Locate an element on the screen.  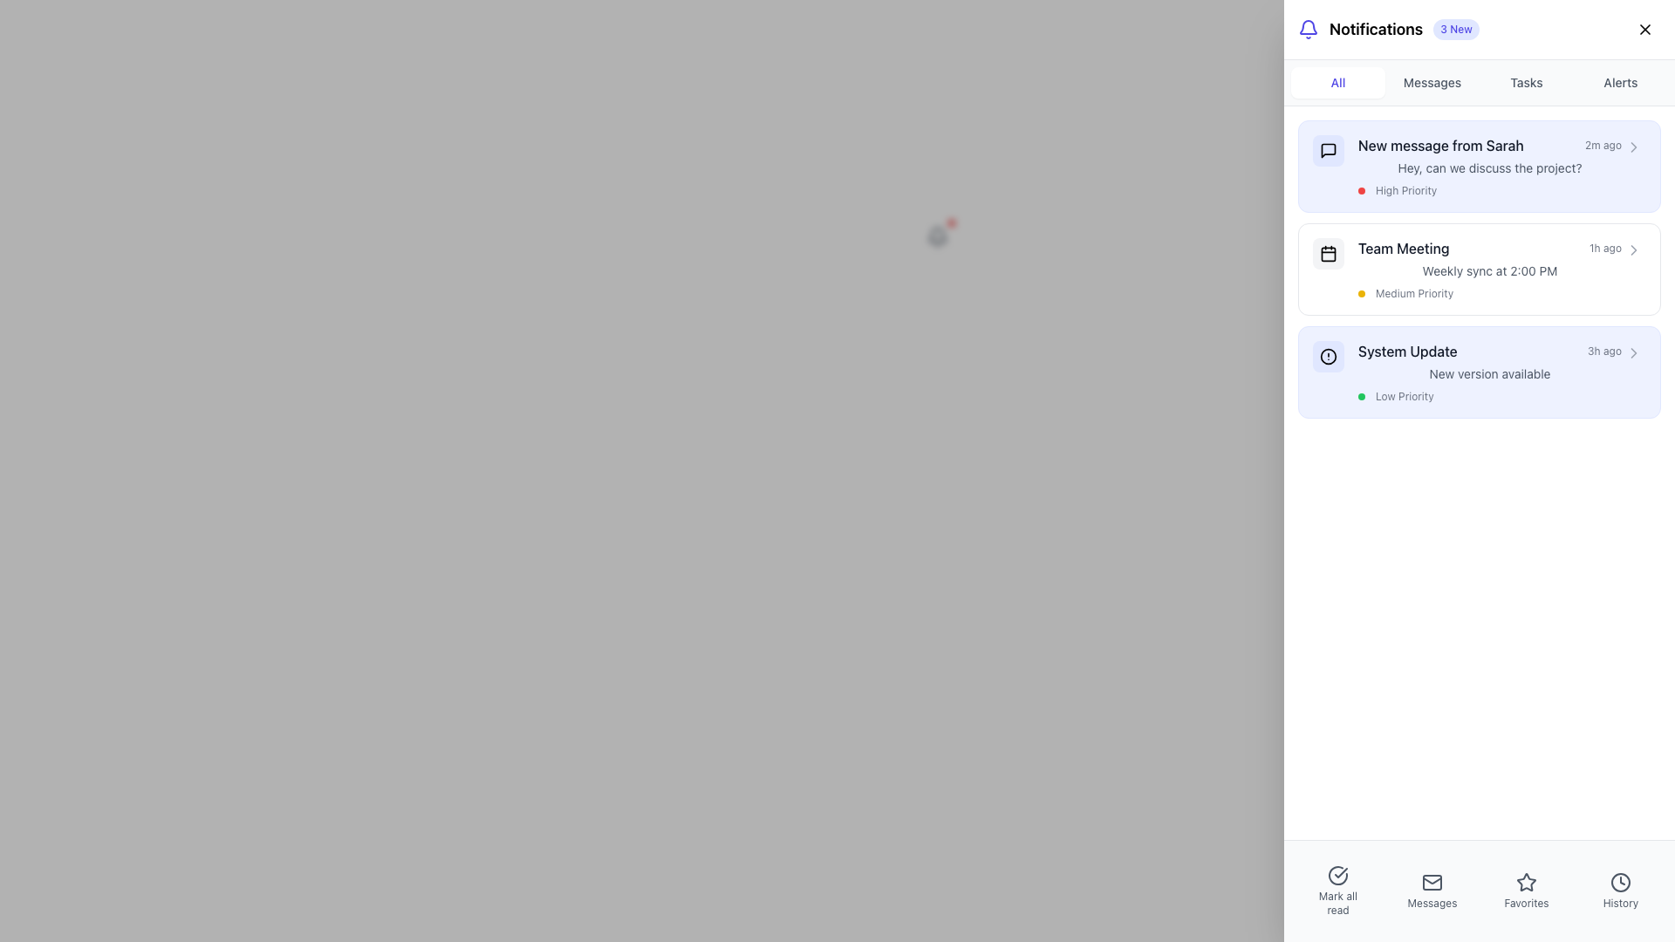
the button located on the far right side of the bottom menu bar that navigates to the 'History' section is located at coordinates (1619, 891).